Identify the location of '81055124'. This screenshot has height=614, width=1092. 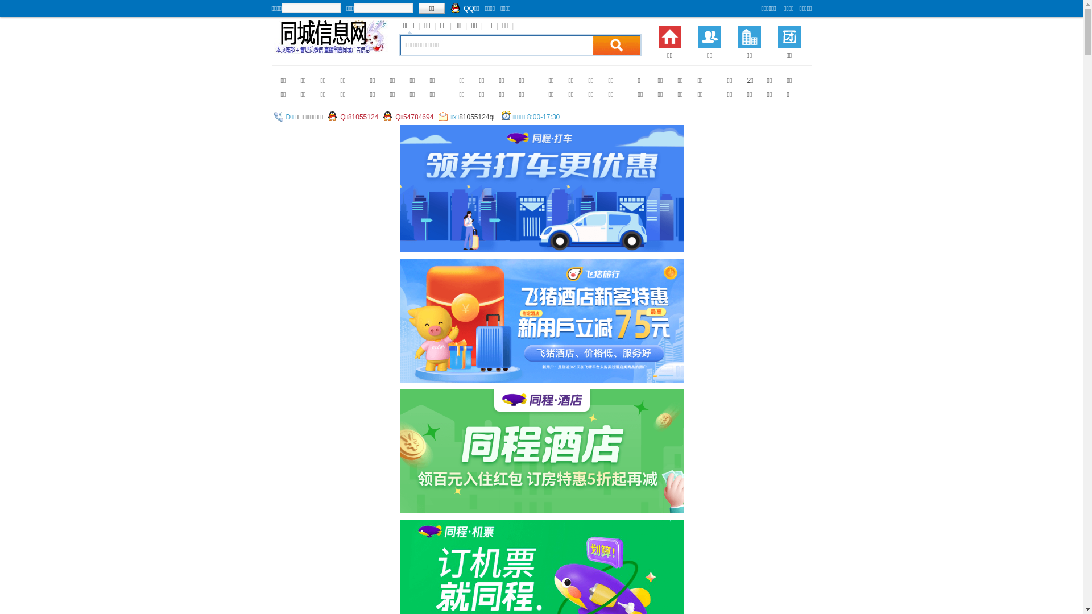
(362, 117).